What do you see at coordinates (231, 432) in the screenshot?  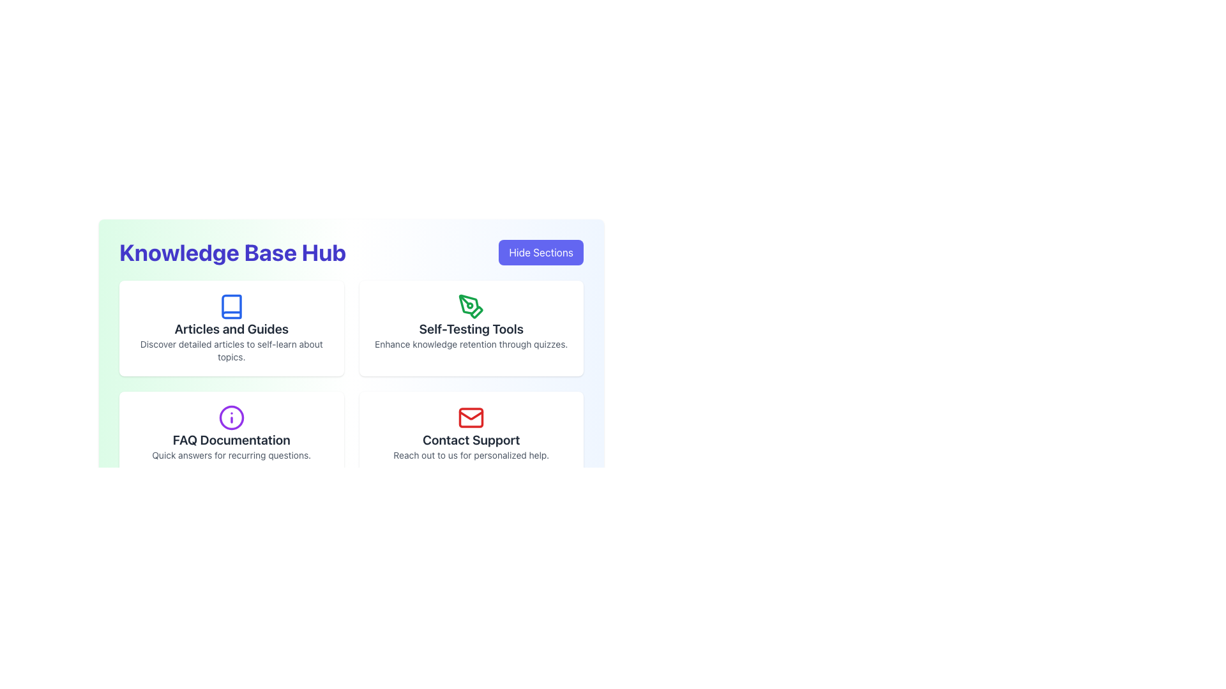 I see `the Information Card labeled 'FAQ Documentation' which is a white rectangular card with a purple information icon at the top` at bounding box center [231, 432].